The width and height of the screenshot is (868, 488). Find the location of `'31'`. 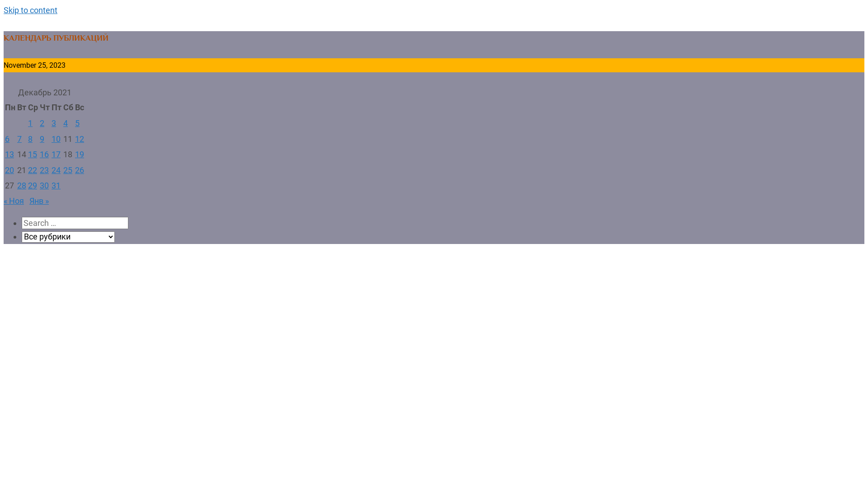

'31' is located at coordinates (51, 185).